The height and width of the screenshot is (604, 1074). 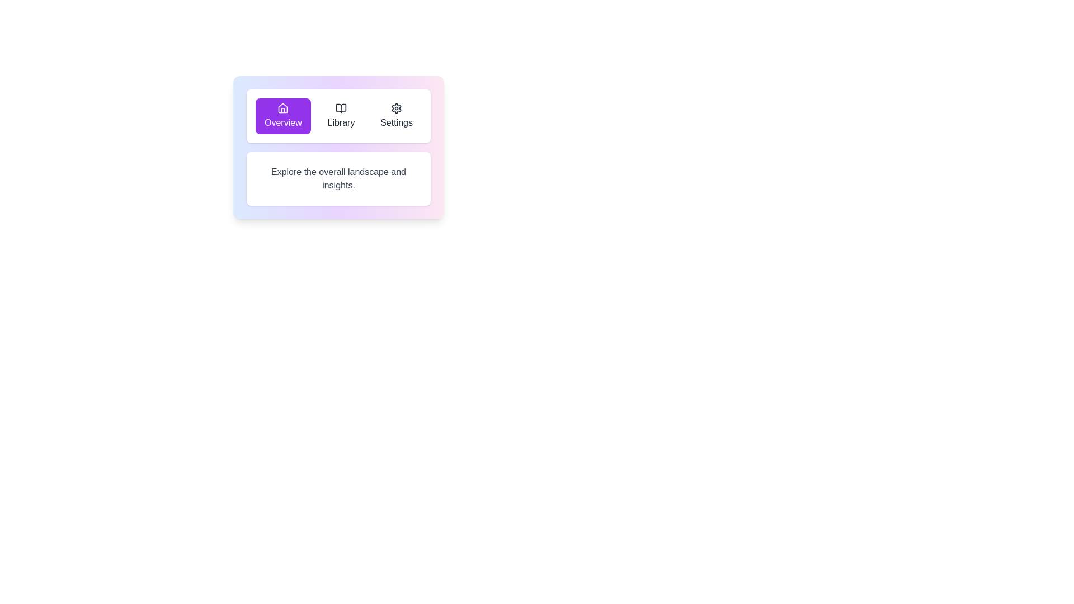 What do you see at coordinates (340, 108) in the screenshot?
I see `the Decorative Icon representing an open book within the 'Library' button in the navigation bar` at bounding box center [340, 108].